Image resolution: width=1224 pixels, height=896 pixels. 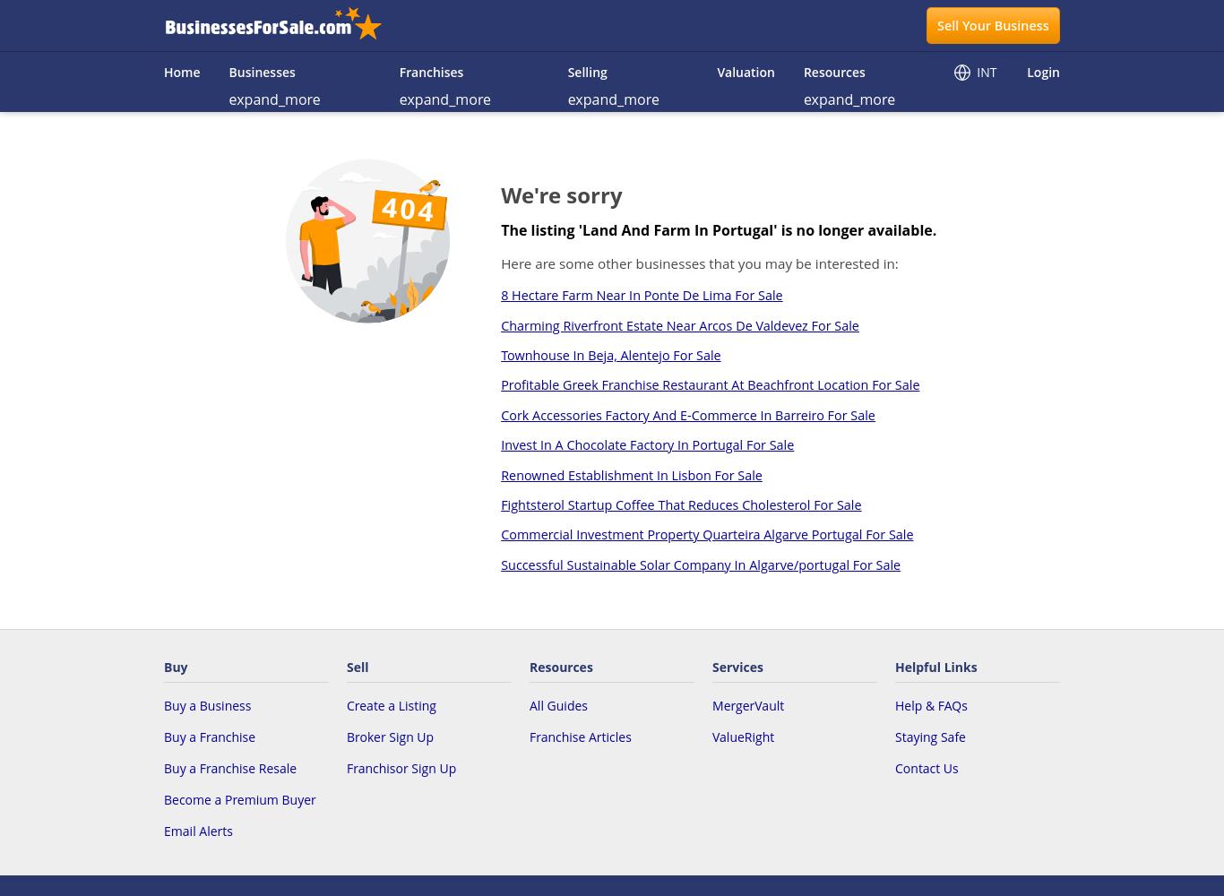 I want to click on 'Townhouse In Beja, Alentejo For Sale', so click(x=609, y=355).